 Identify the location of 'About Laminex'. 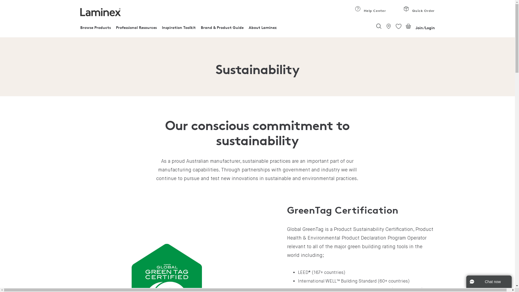
(262, 29).